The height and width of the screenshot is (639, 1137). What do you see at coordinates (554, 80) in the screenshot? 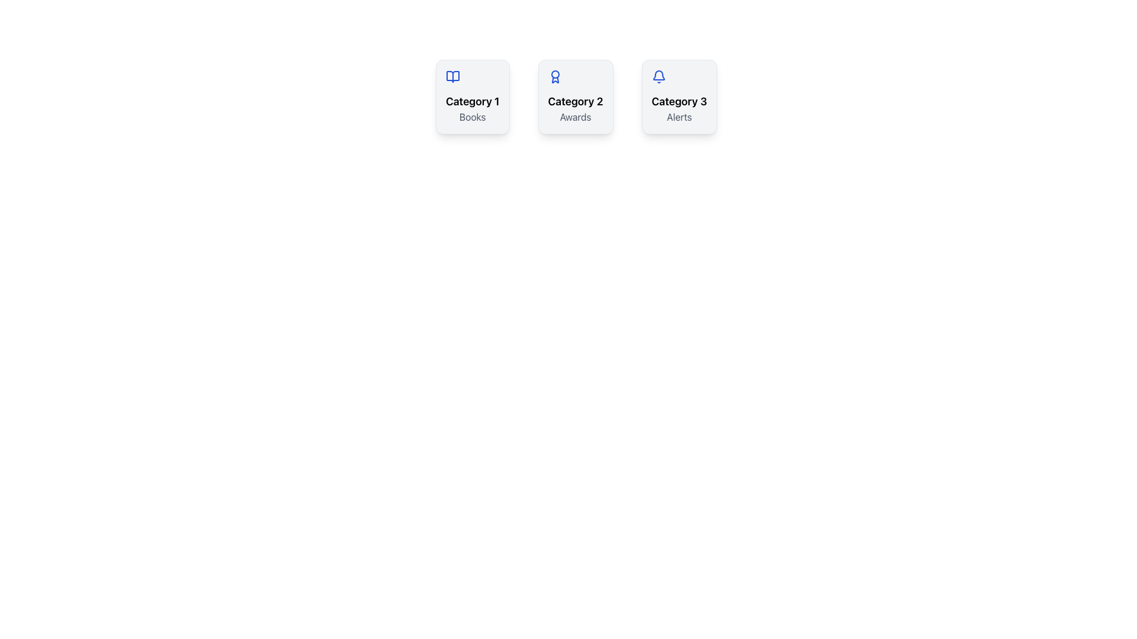
I see `the non-interactive Icon decoration within the 'Category 2 Awards' card, which enhances the award theme` at bounding box center [554, 80].